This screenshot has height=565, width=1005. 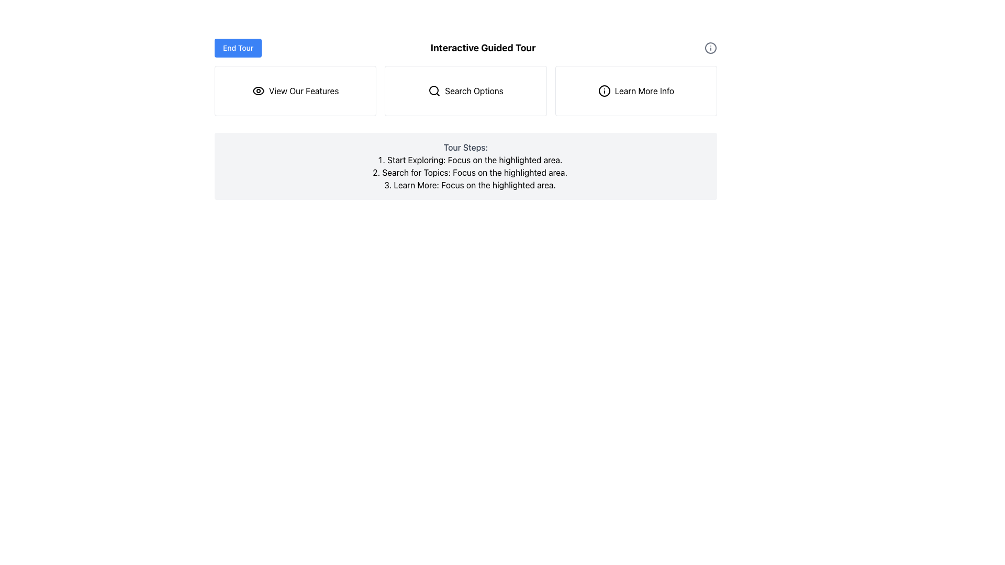 What do you see at coordinates (259, 90) in the screenshot?
I see `the circular eye icon to the left of the 'View Our Features' text for design context` at bounding box center [259, 90].